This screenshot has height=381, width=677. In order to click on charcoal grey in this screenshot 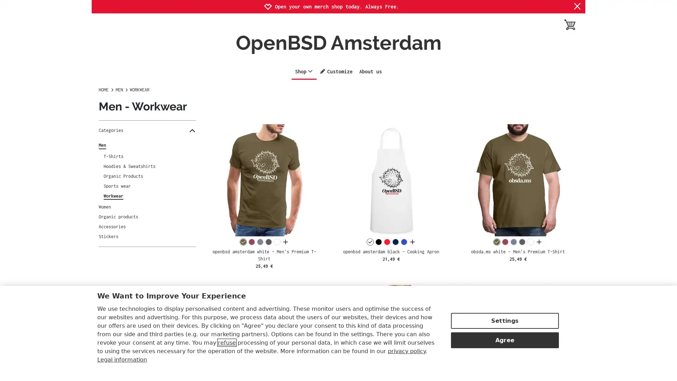, I will do `click(522, 242)`.